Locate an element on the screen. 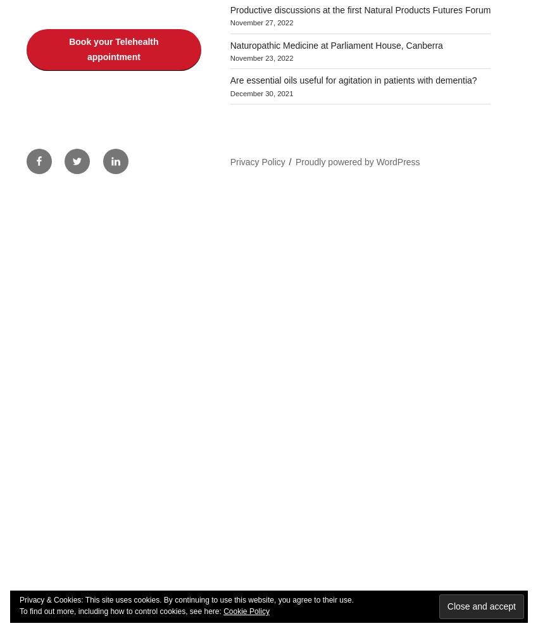  'To find out more, including how to control cookies, see here:' is located at coordinates (121, 611).